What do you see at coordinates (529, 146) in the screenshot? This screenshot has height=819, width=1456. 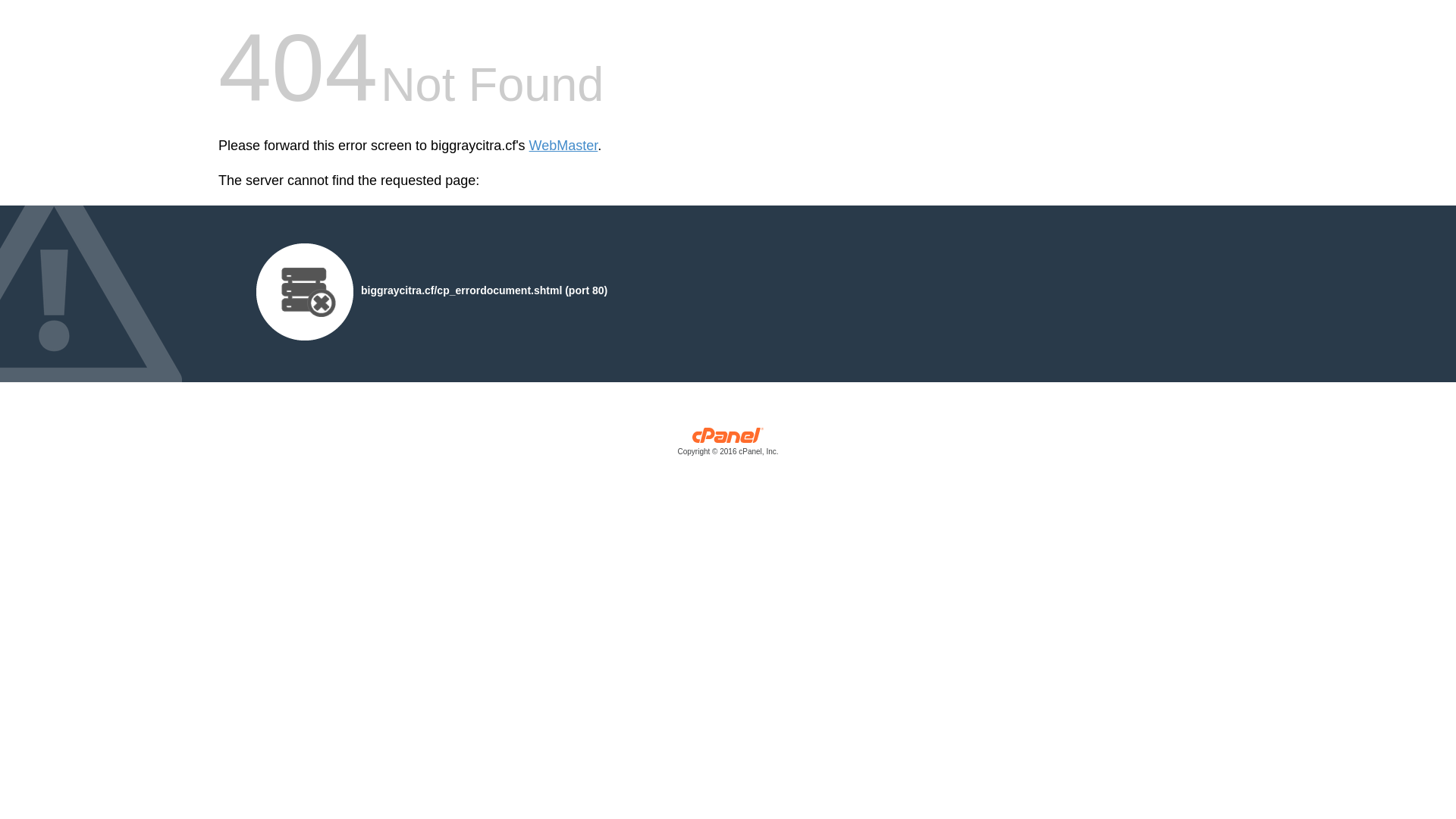 I see `'WebMaster'` at bounding box center [529, 146].